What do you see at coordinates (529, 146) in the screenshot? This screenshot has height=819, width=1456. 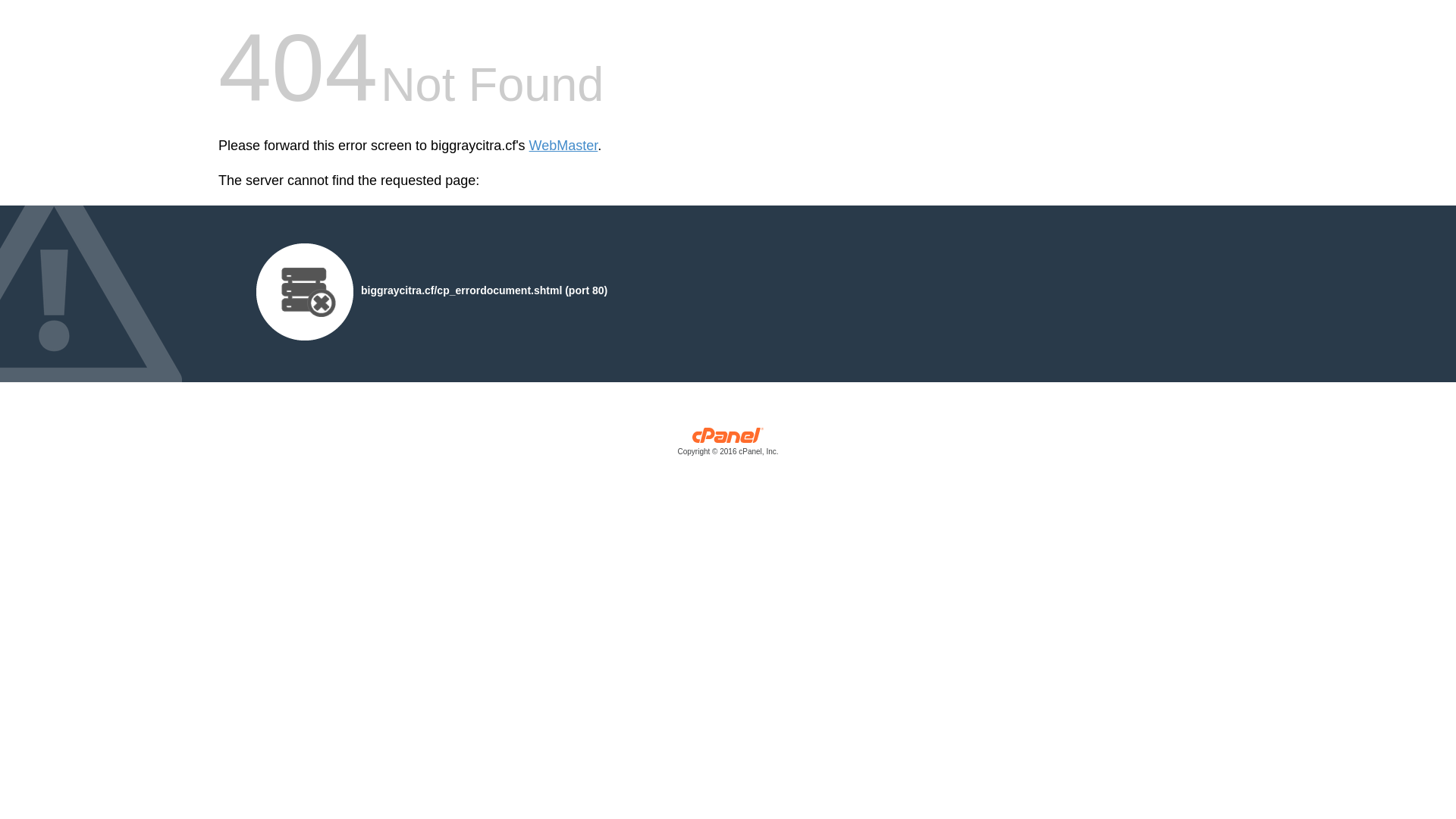 I see `'WebMaster'` at bounding box center [529, 146].